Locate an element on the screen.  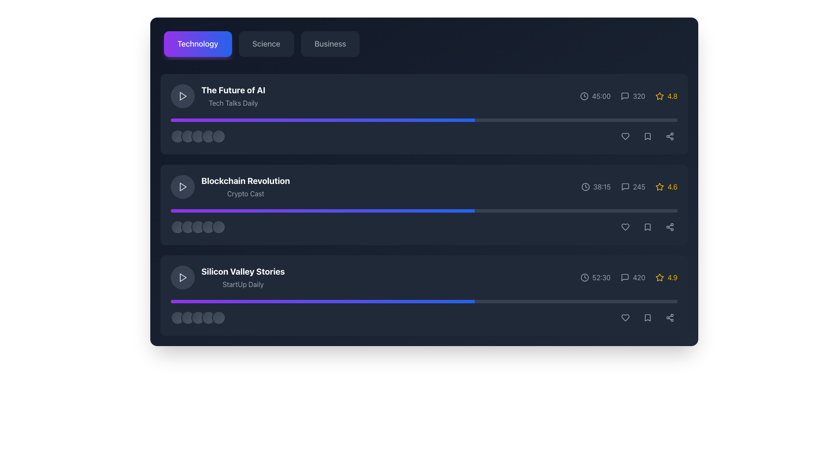
the heart-shaped SVG icon located near the rightmost side of the second entry in a vertically stacked list is located at coordinates (625, 227).